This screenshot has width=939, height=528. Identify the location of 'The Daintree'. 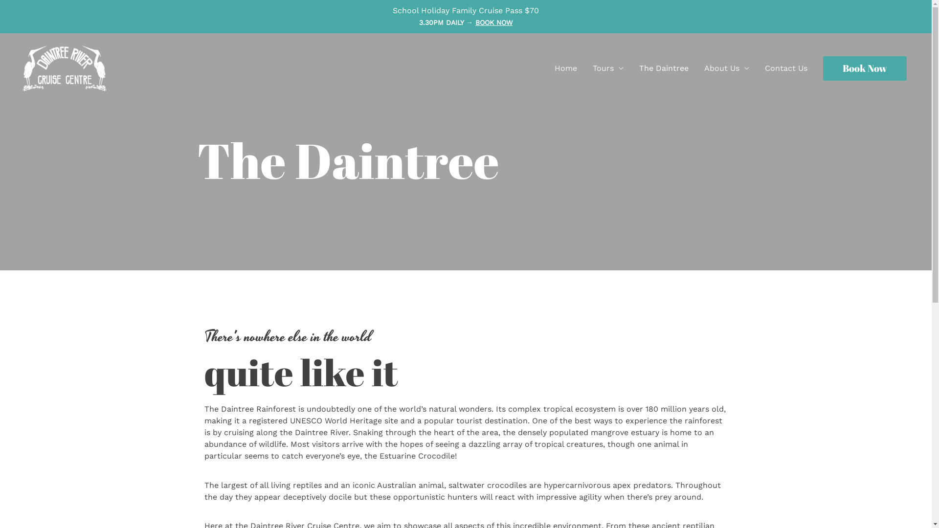
(664, 67).